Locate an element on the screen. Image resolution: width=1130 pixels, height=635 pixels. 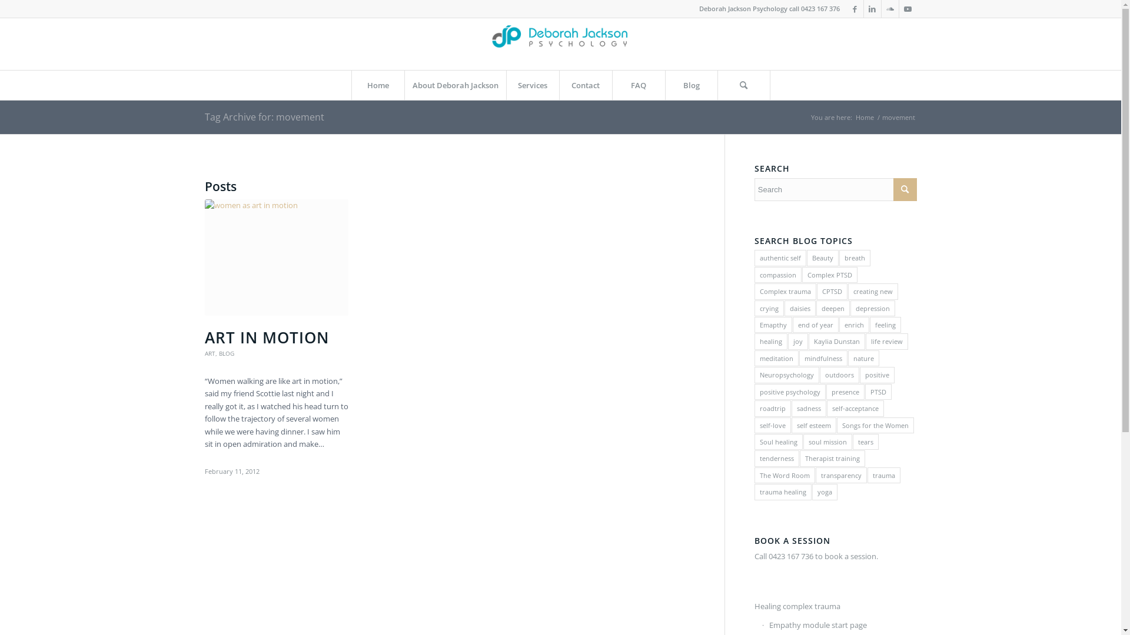
'FAQ' is located at coordinates (637, 85).